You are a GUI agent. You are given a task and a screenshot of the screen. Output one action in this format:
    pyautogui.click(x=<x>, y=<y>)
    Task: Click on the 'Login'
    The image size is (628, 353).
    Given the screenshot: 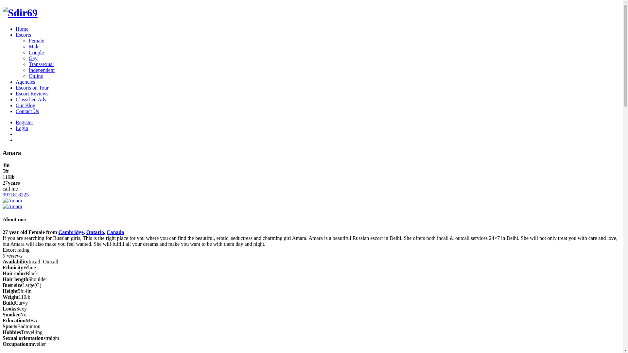 What is the action you would take?
    pyautogui.click(x=22, y=128)
    